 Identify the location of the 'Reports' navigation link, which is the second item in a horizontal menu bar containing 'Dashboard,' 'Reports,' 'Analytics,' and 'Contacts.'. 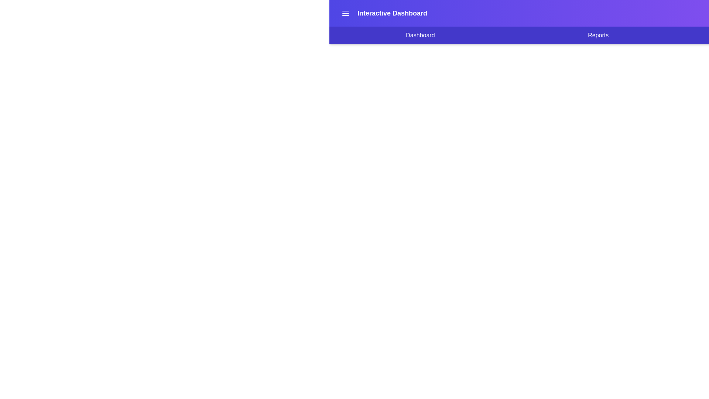
(598, 35).